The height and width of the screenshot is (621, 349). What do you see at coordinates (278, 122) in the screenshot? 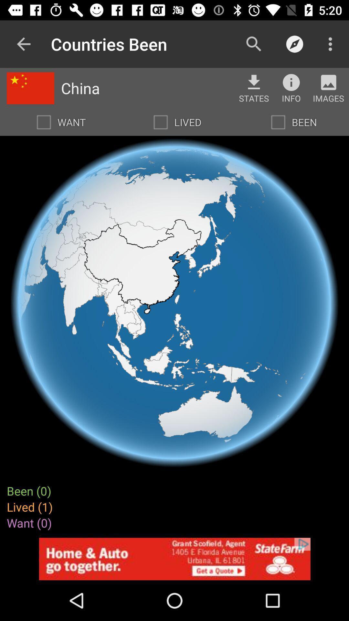
I see `user to check box if been to china` at bounding box center [278, 122].